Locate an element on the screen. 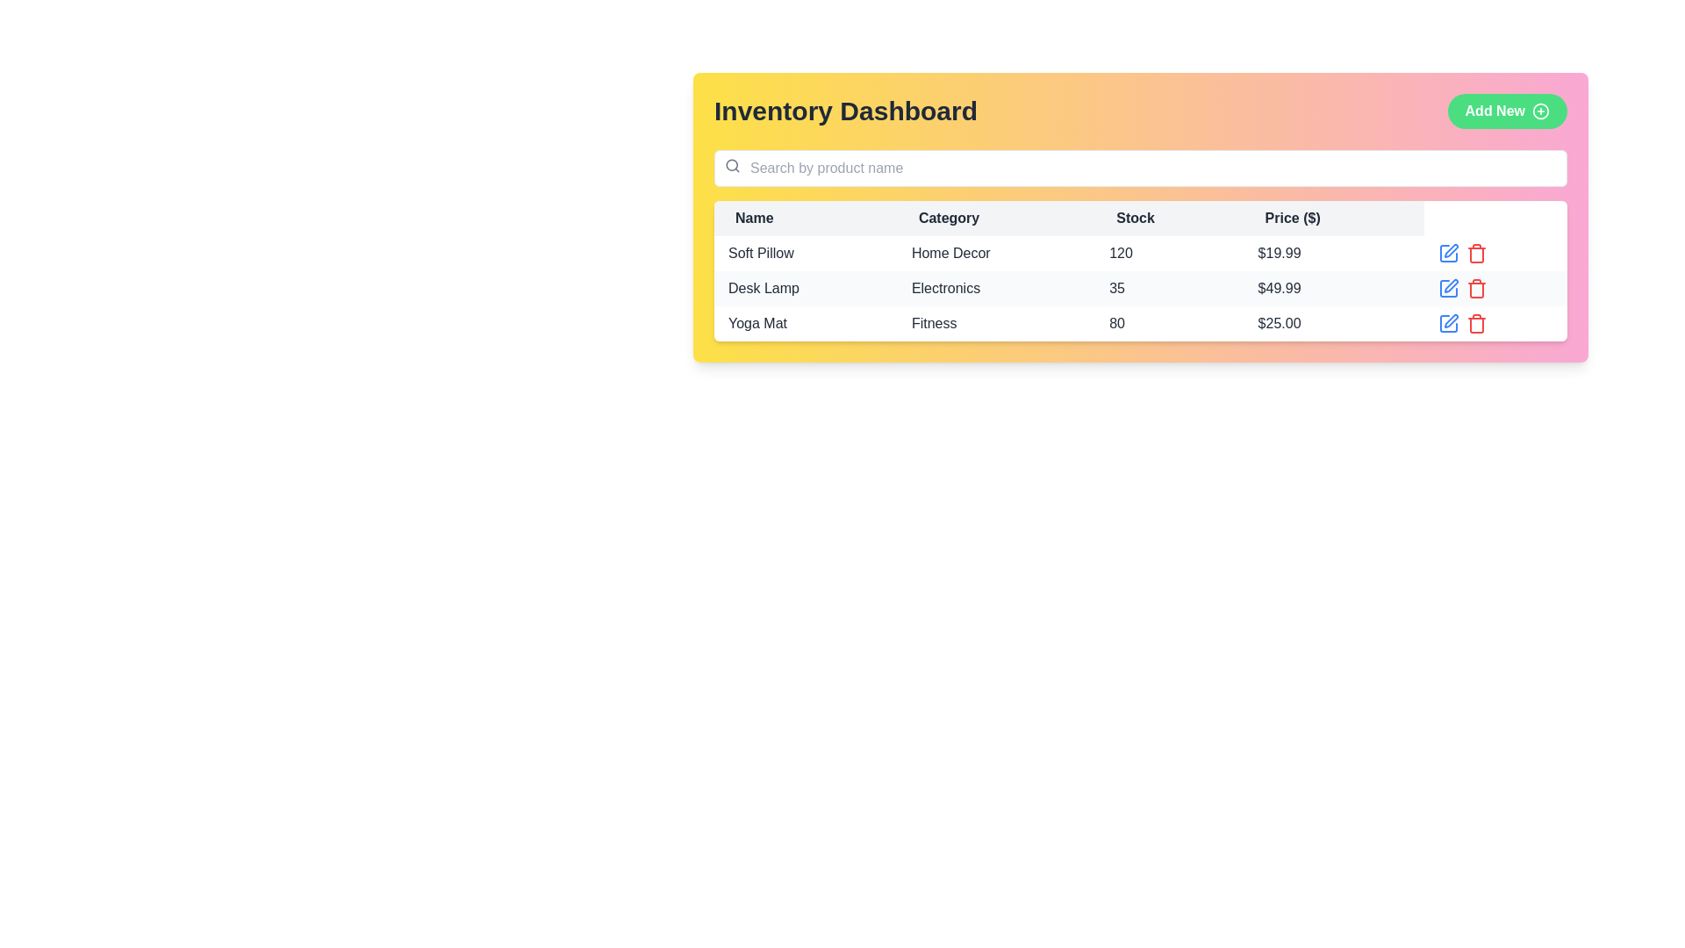  SVG Circle that forms the circular frame of the plus icon indicating the 'Add New' functionality, located in the top-right corner of the interface is located at coordinates (1540, 111).